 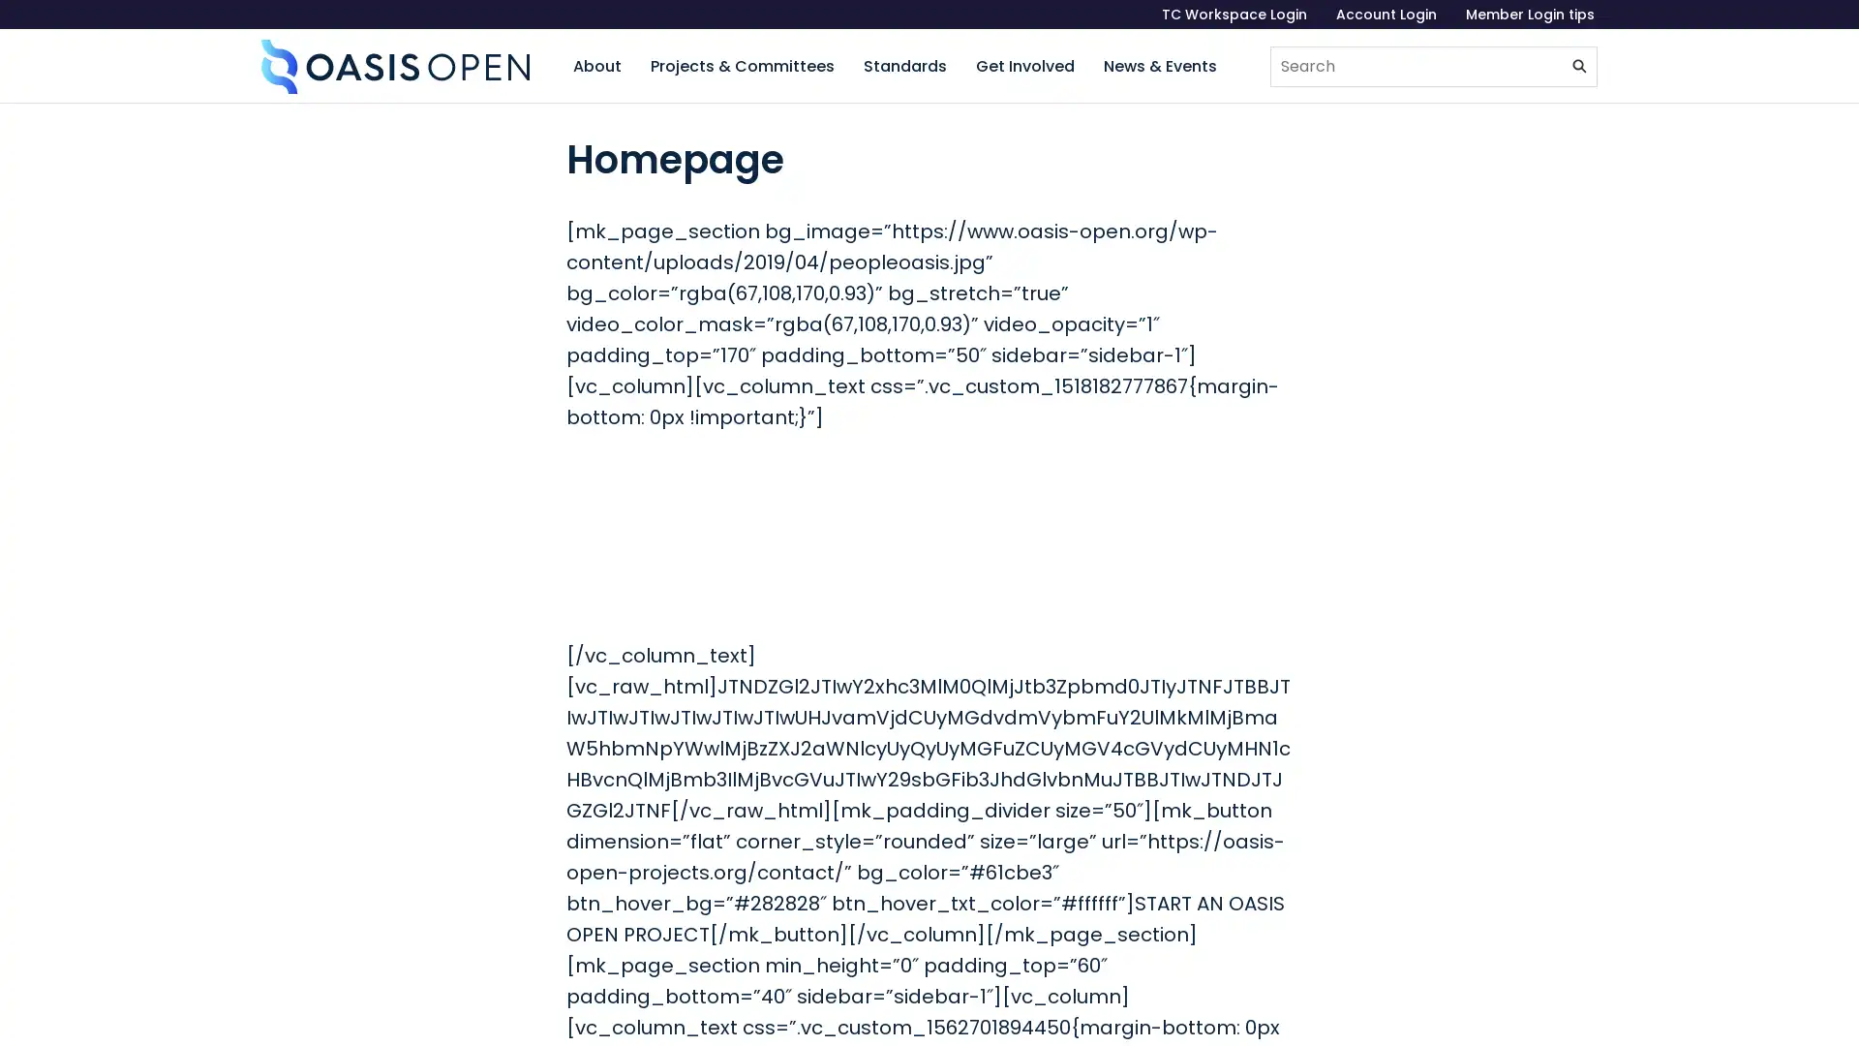 What do you see at coordinates (1580, 66) in the screenshot?
I see `Submit search` at bounding box center [1580, 66].